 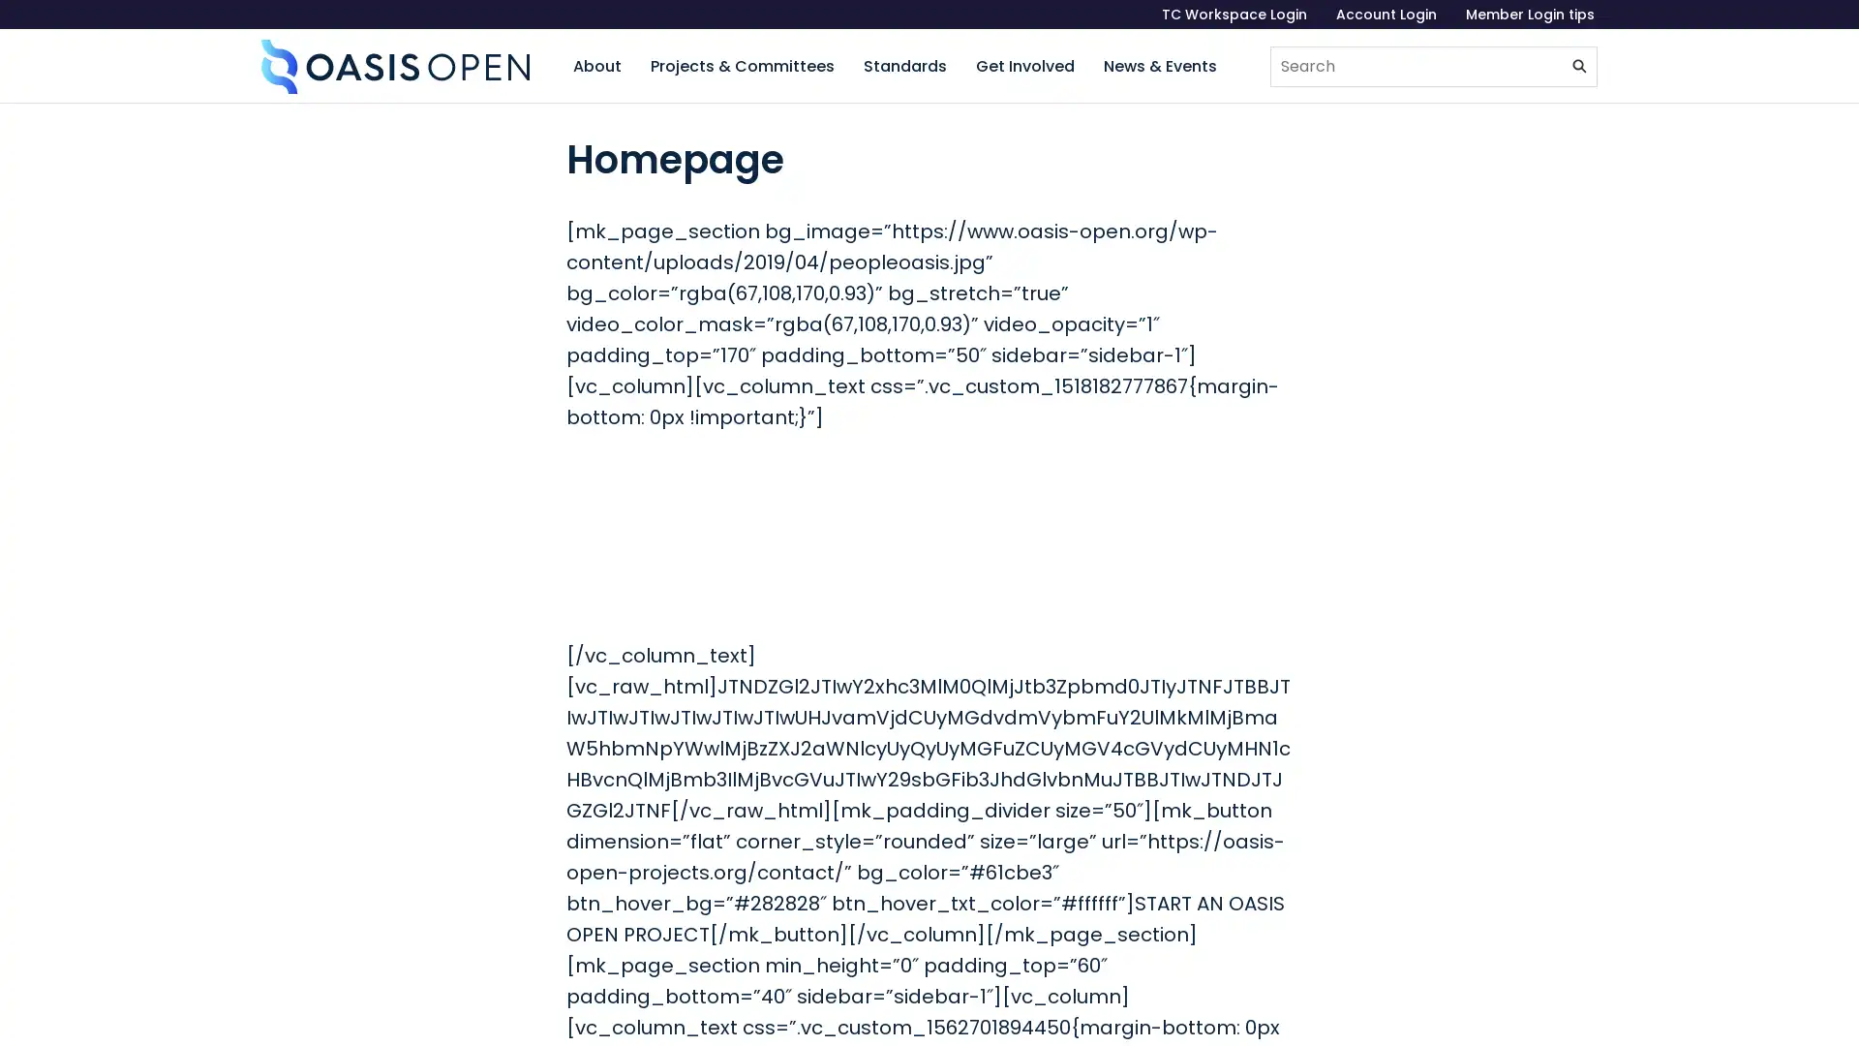 What do you see at coordinates (1580, 66) in the screenshot?
I see `Submit search` at bounding box center [1580, 66].